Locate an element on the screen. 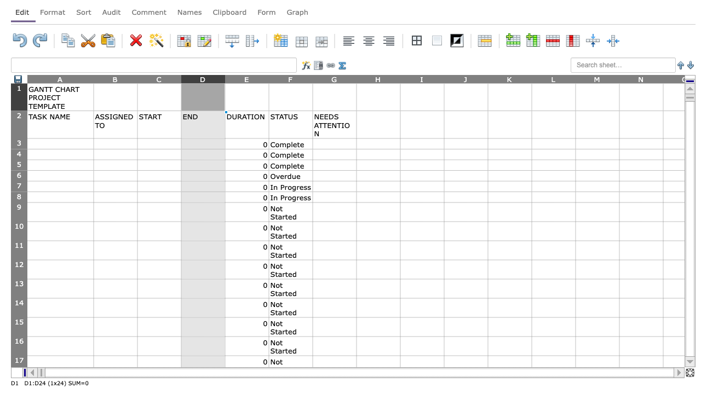 The width and height of the screenshot is (701, 394). the width adjustment handle for column E is located at coordinates (269, 78).